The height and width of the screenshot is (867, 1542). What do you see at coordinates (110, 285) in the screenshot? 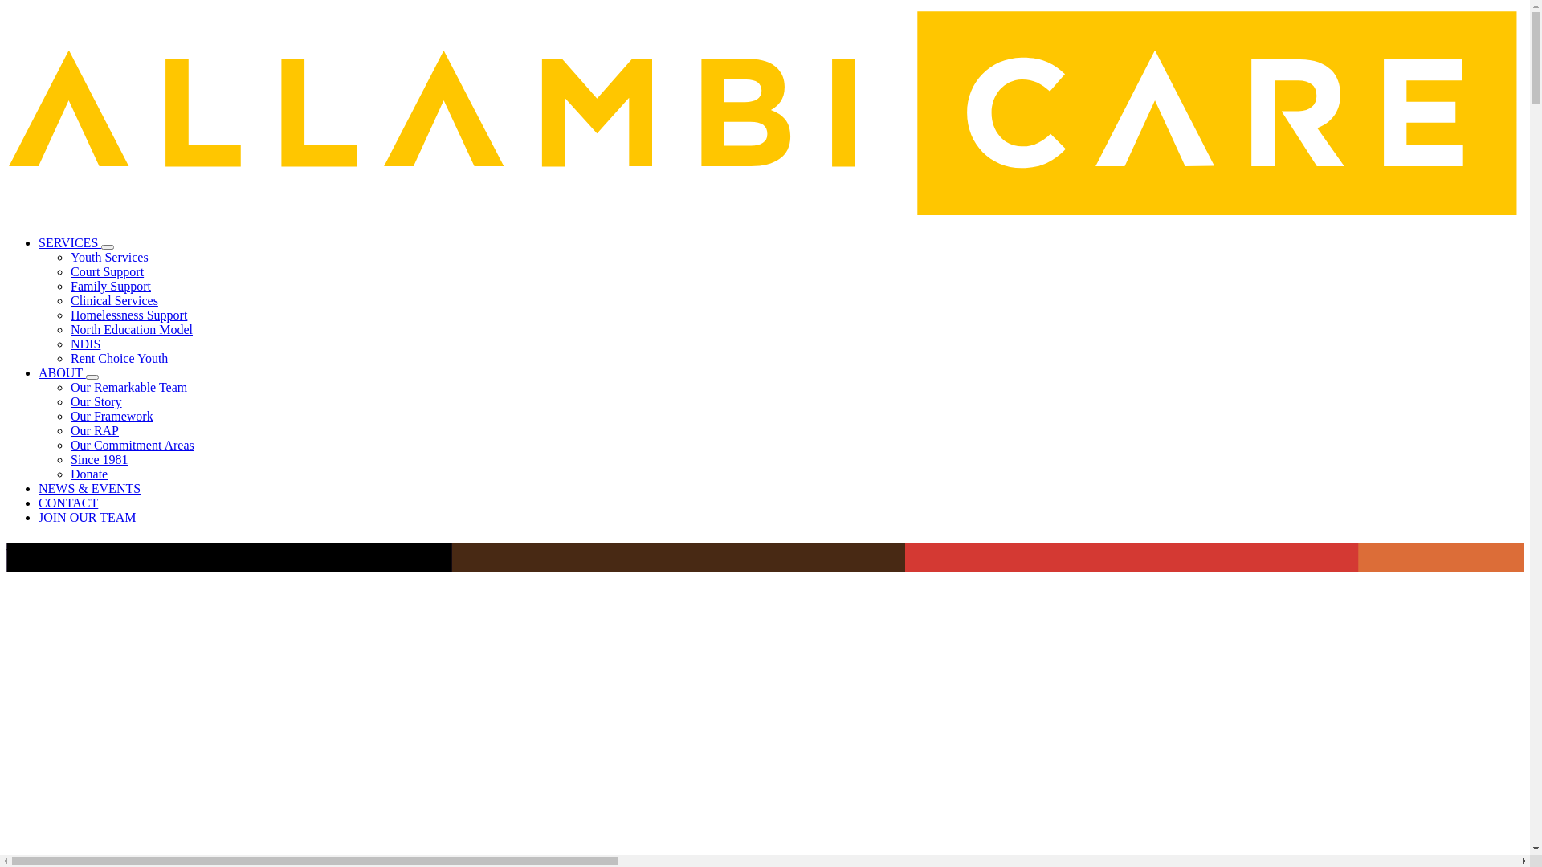
I see `'Family Support'` at bounding box center [110, 285].